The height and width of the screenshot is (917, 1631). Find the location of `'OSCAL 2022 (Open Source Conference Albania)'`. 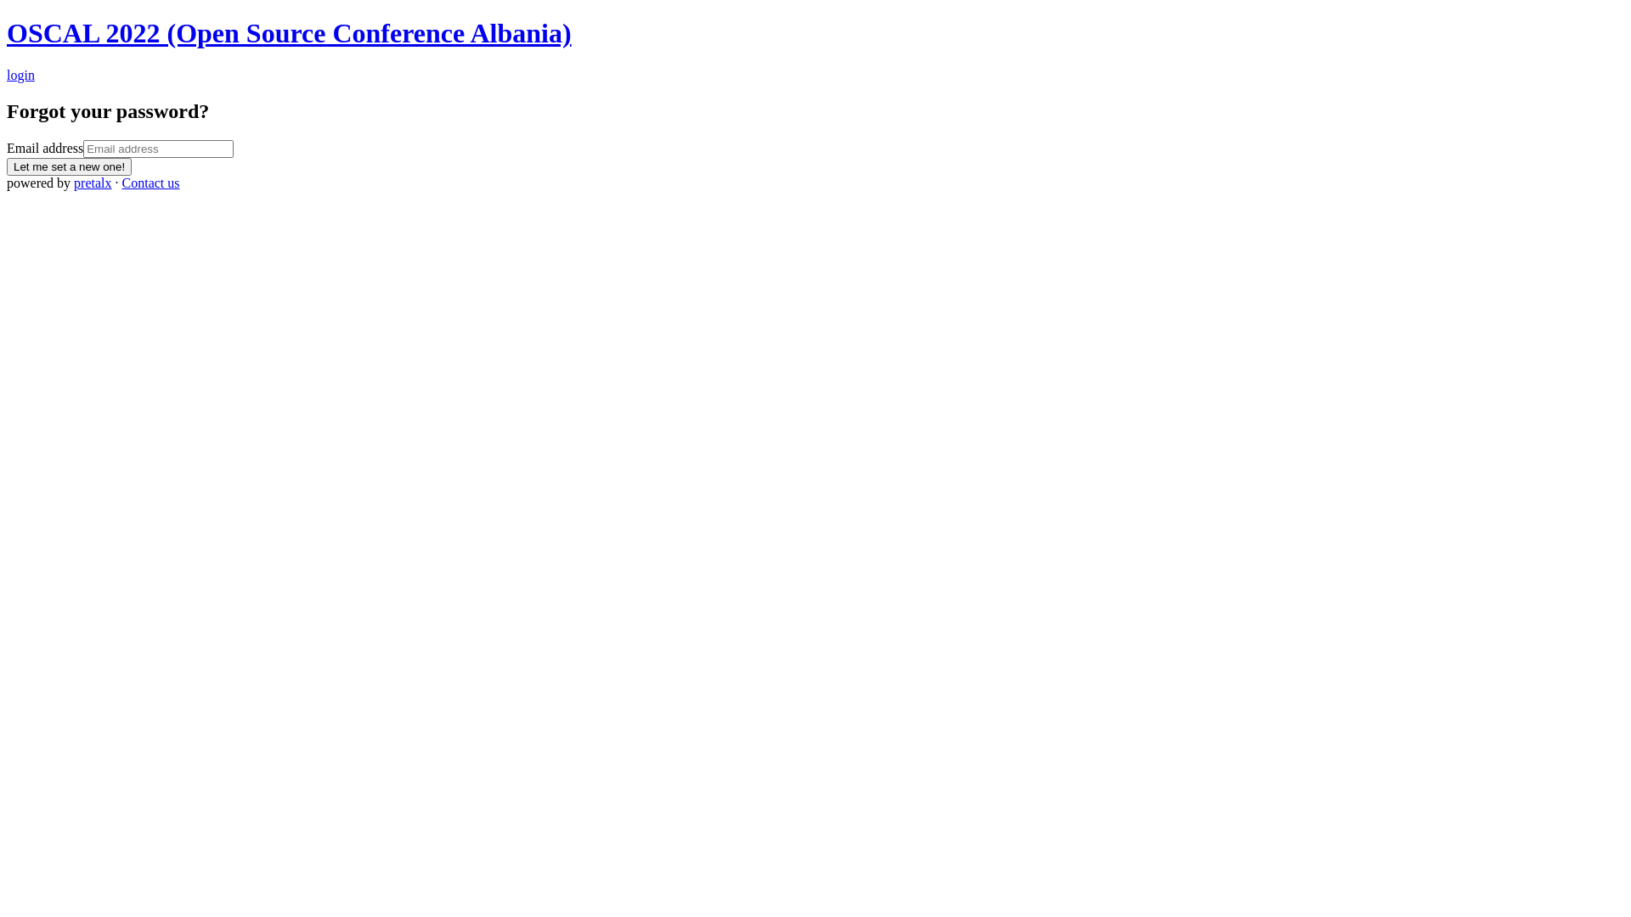

'OSCAL 2022 (Open Source Conference Albania)' is located at coordinates (289, 32).